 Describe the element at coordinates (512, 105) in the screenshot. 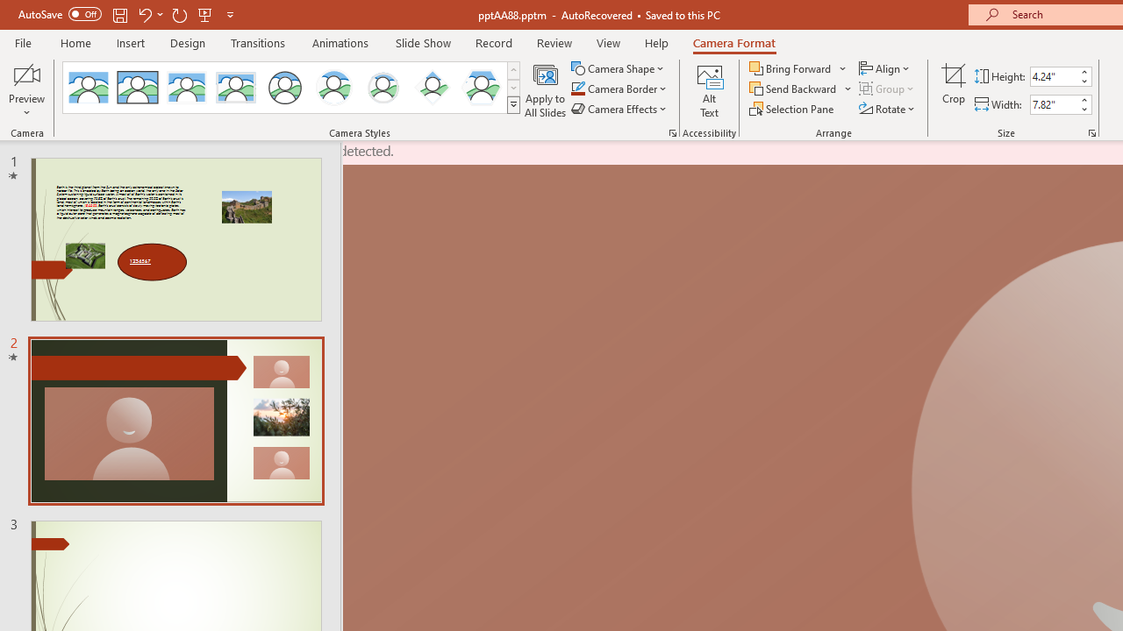

I see `'Camera Styles'` at that location.